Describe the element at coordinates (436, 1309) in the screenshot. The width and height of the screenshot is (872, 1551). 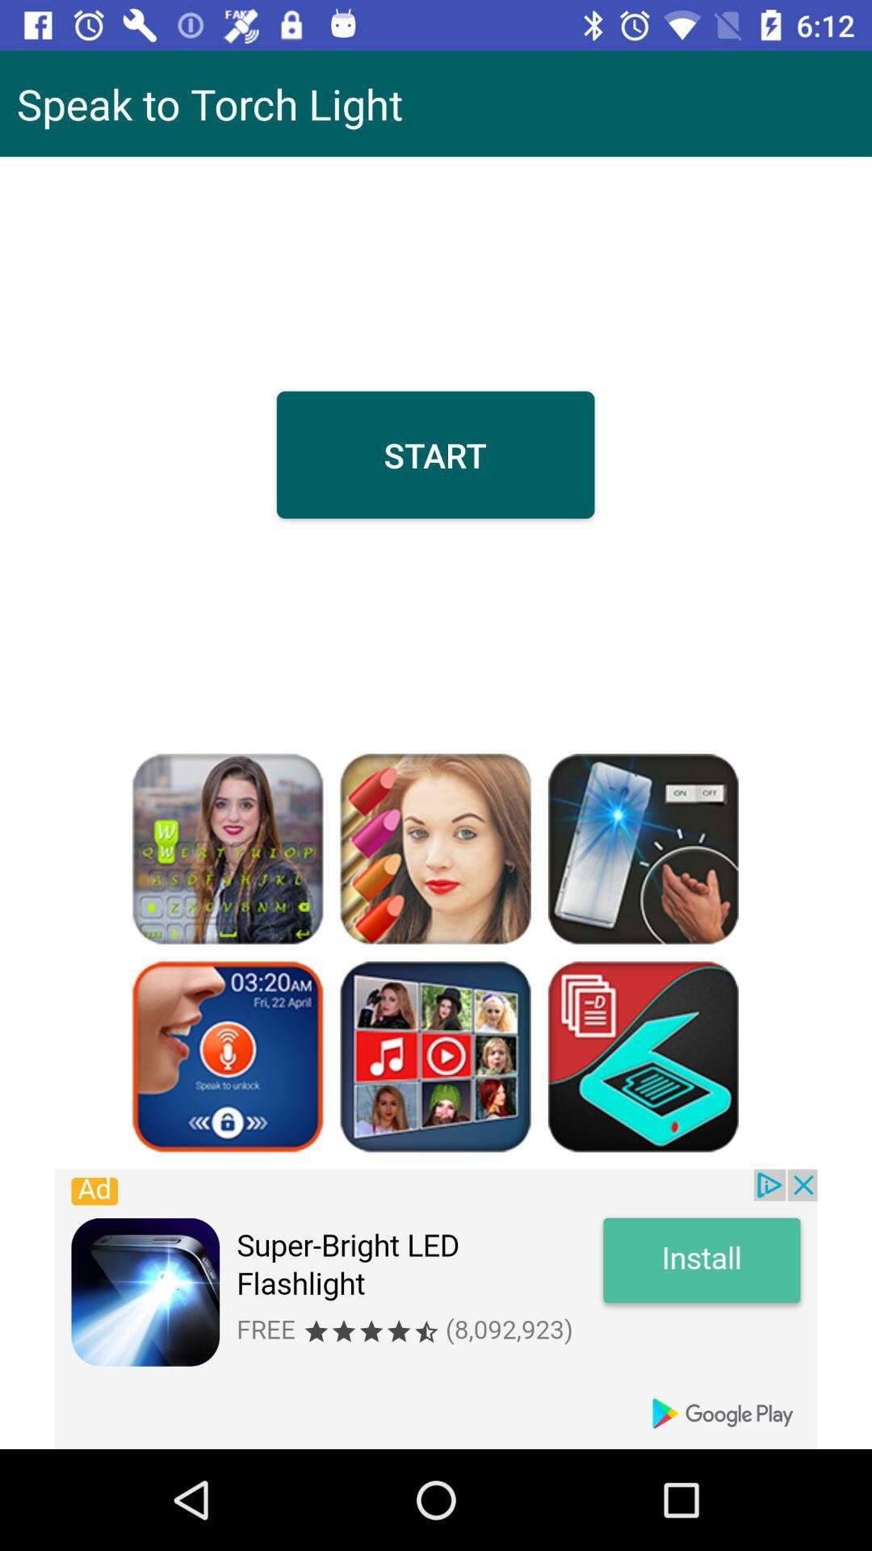
I see `advisement` at that location.